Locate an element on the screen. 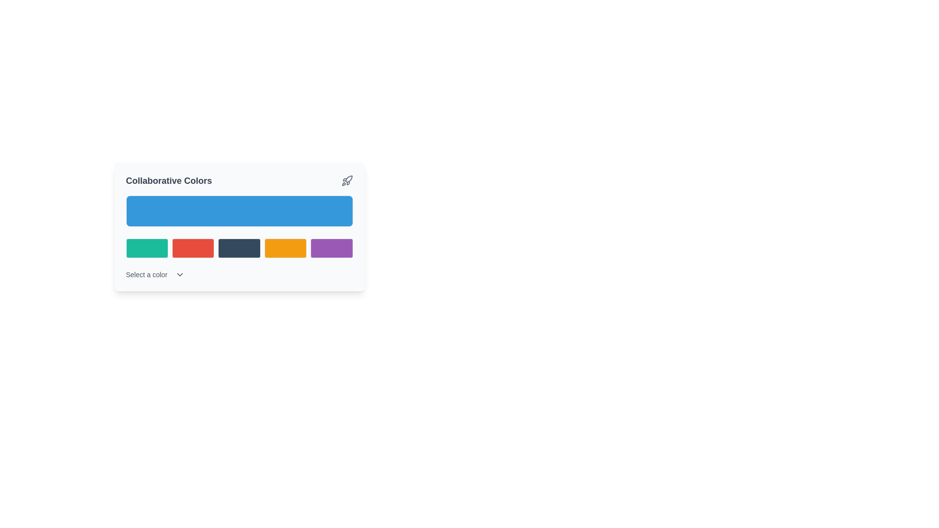 The width and height of the screenshot is (939, 528). the green button, which is the first button in a horizontal group of five buttons aligned below a blue button and above a dropdown menu labeled 'Select a color' is located at coordinates (146, 248).